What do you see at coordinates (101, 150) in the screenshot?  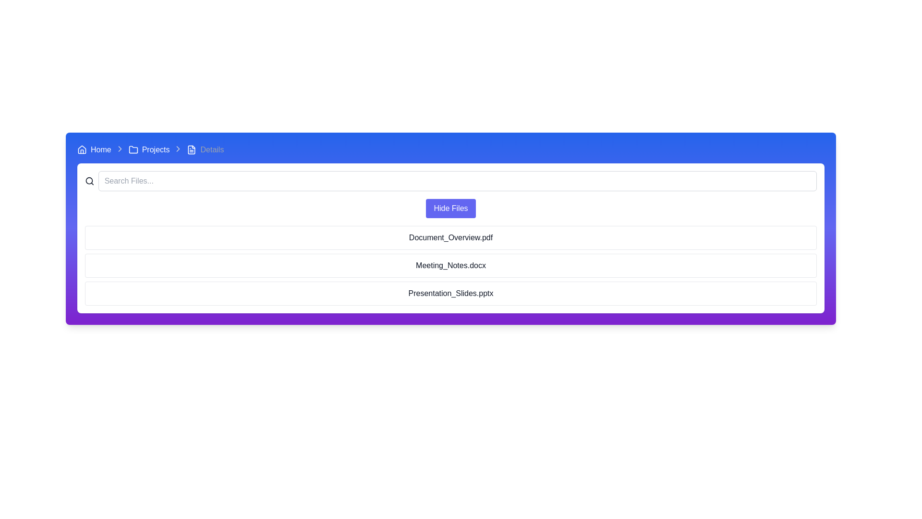 I see `the 'Home' link in the breadcrumb navigation bar` at bounding box center [101, 150].